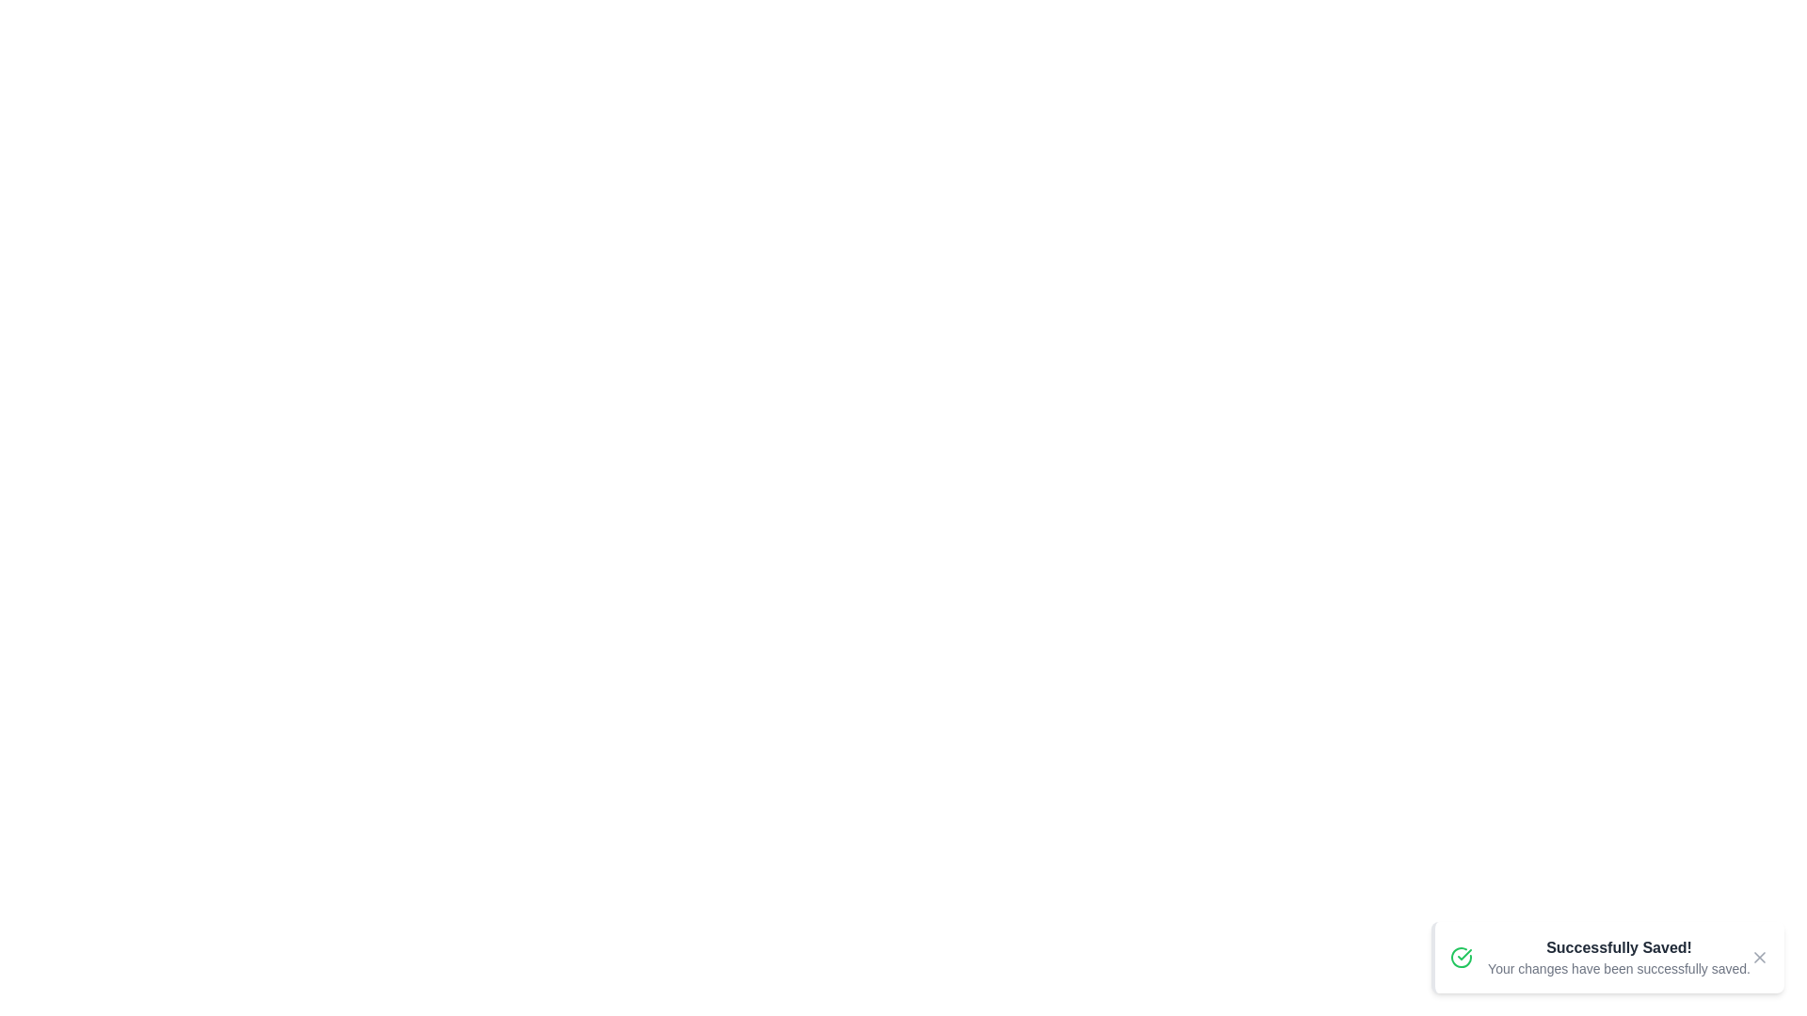 Image resolution: width=1807 pixels, height=1016 pixels. What do you see at coordinates (1461, 958) in the screenshot?
I see `the success icon to view its status` at bounding box center [1461, 958].